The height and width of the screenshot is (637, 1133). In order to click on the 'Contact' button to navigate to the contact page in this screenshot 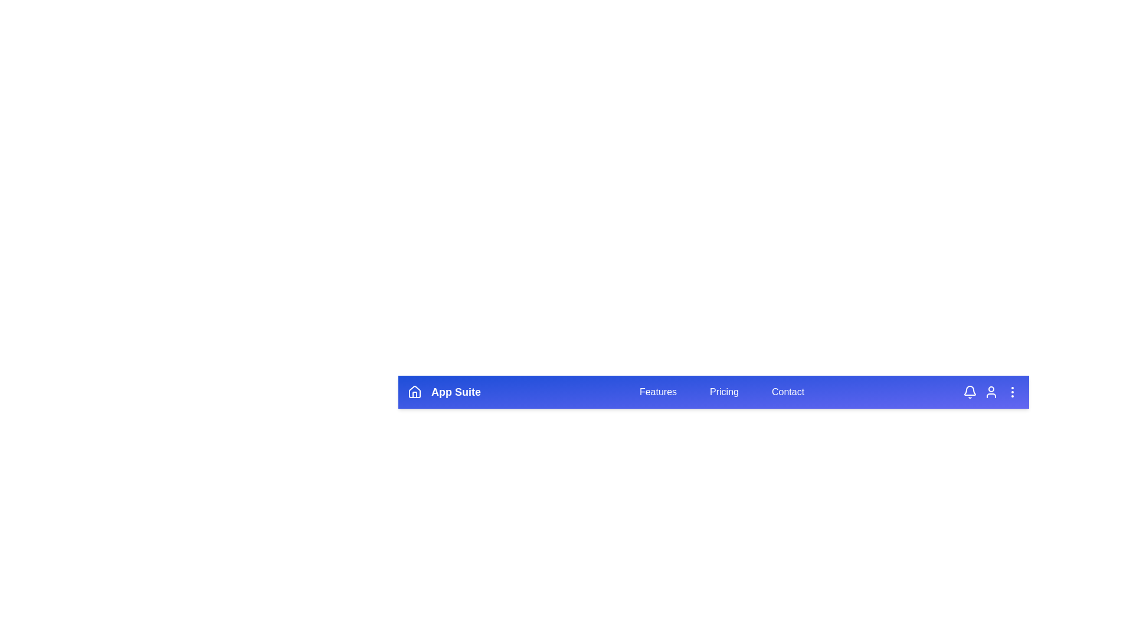, I will do `click(788, 392)`.